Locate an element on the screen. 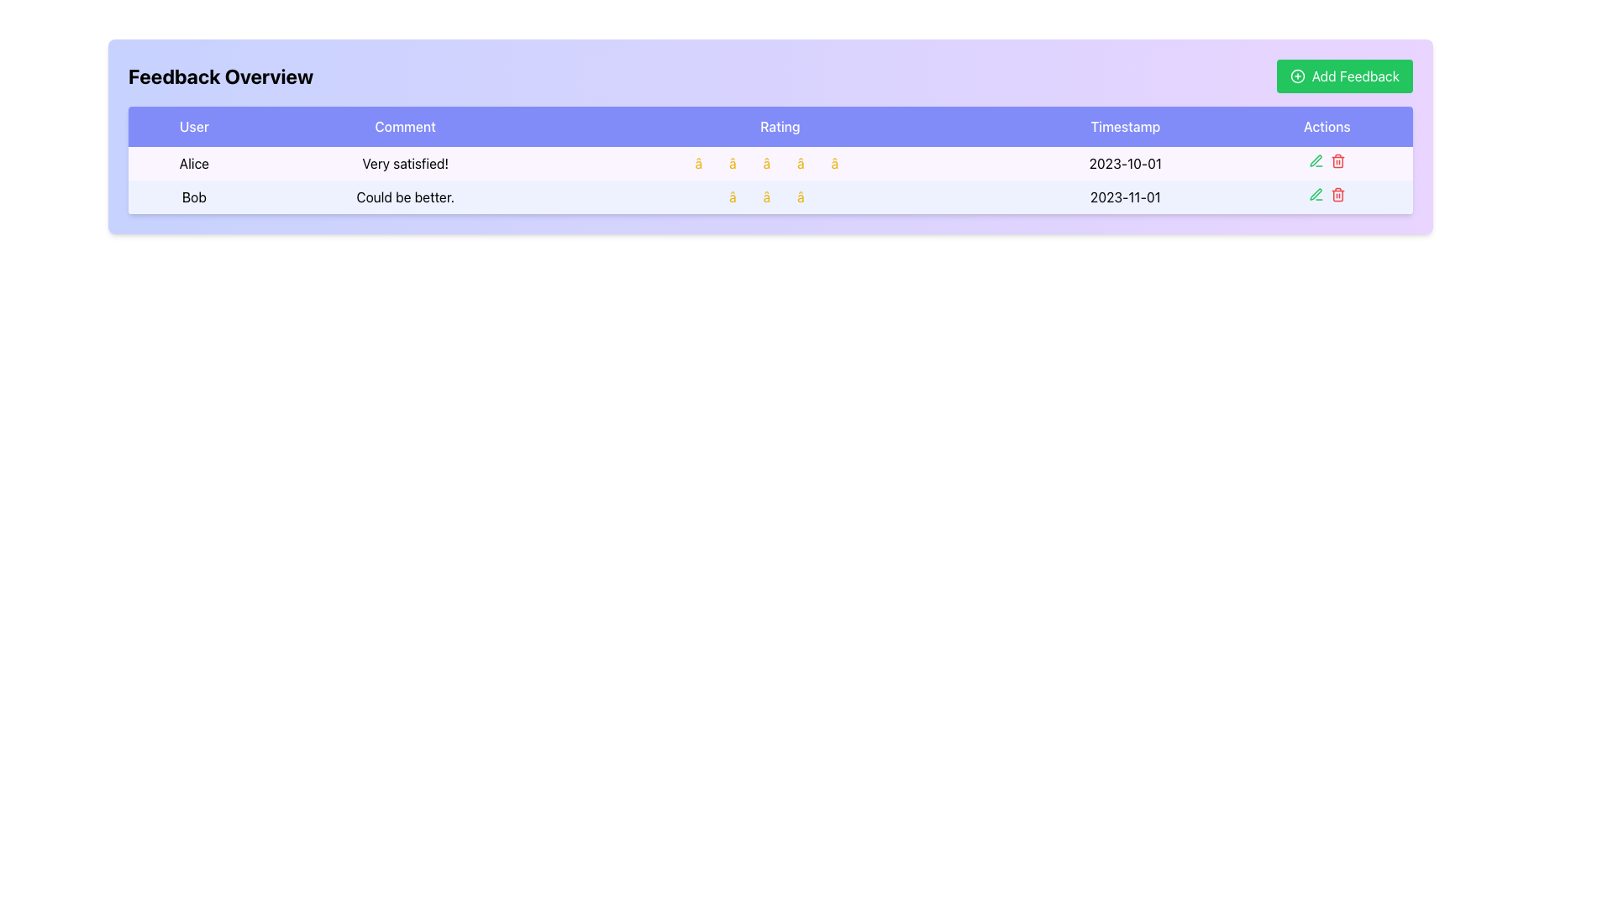 Image resolution: width=1613 pixels, height=907 pixels. the individual stars in the feedback row for user 'Bob' to interact with the rating is located at coordinates (770, 197).